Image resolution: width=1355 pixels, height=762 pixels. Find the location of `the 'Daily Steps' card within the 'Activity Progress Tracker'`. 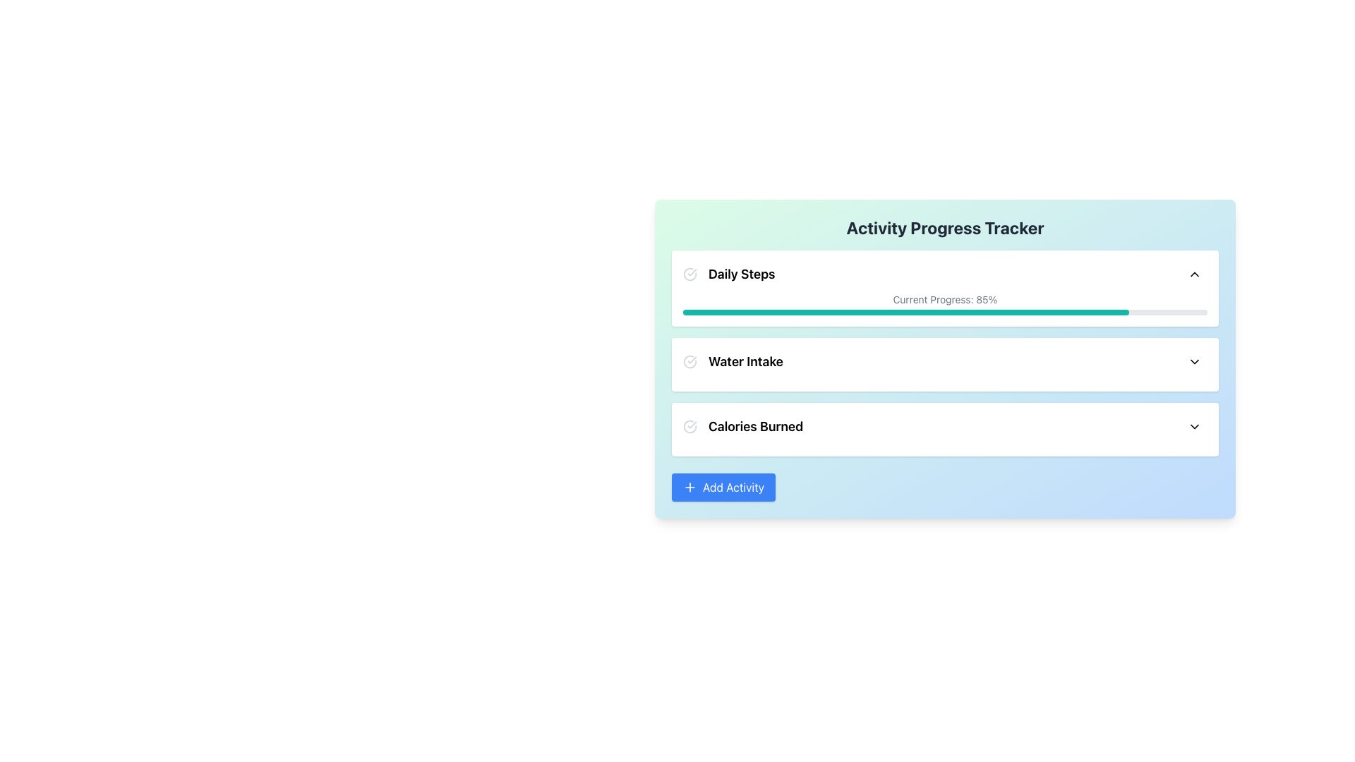

the 'Daily Steps' card within the 'Activity Progress Tracker' is located at coordinates (945, 353).